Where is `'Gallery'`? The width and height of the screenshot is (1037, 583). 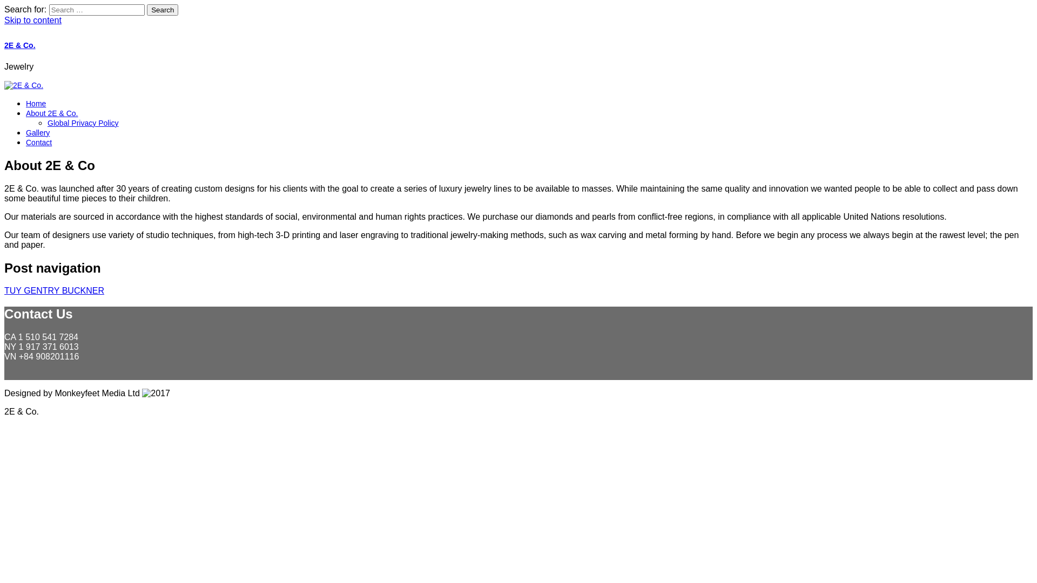
'Gallery' is located at coordinates (26, 132).